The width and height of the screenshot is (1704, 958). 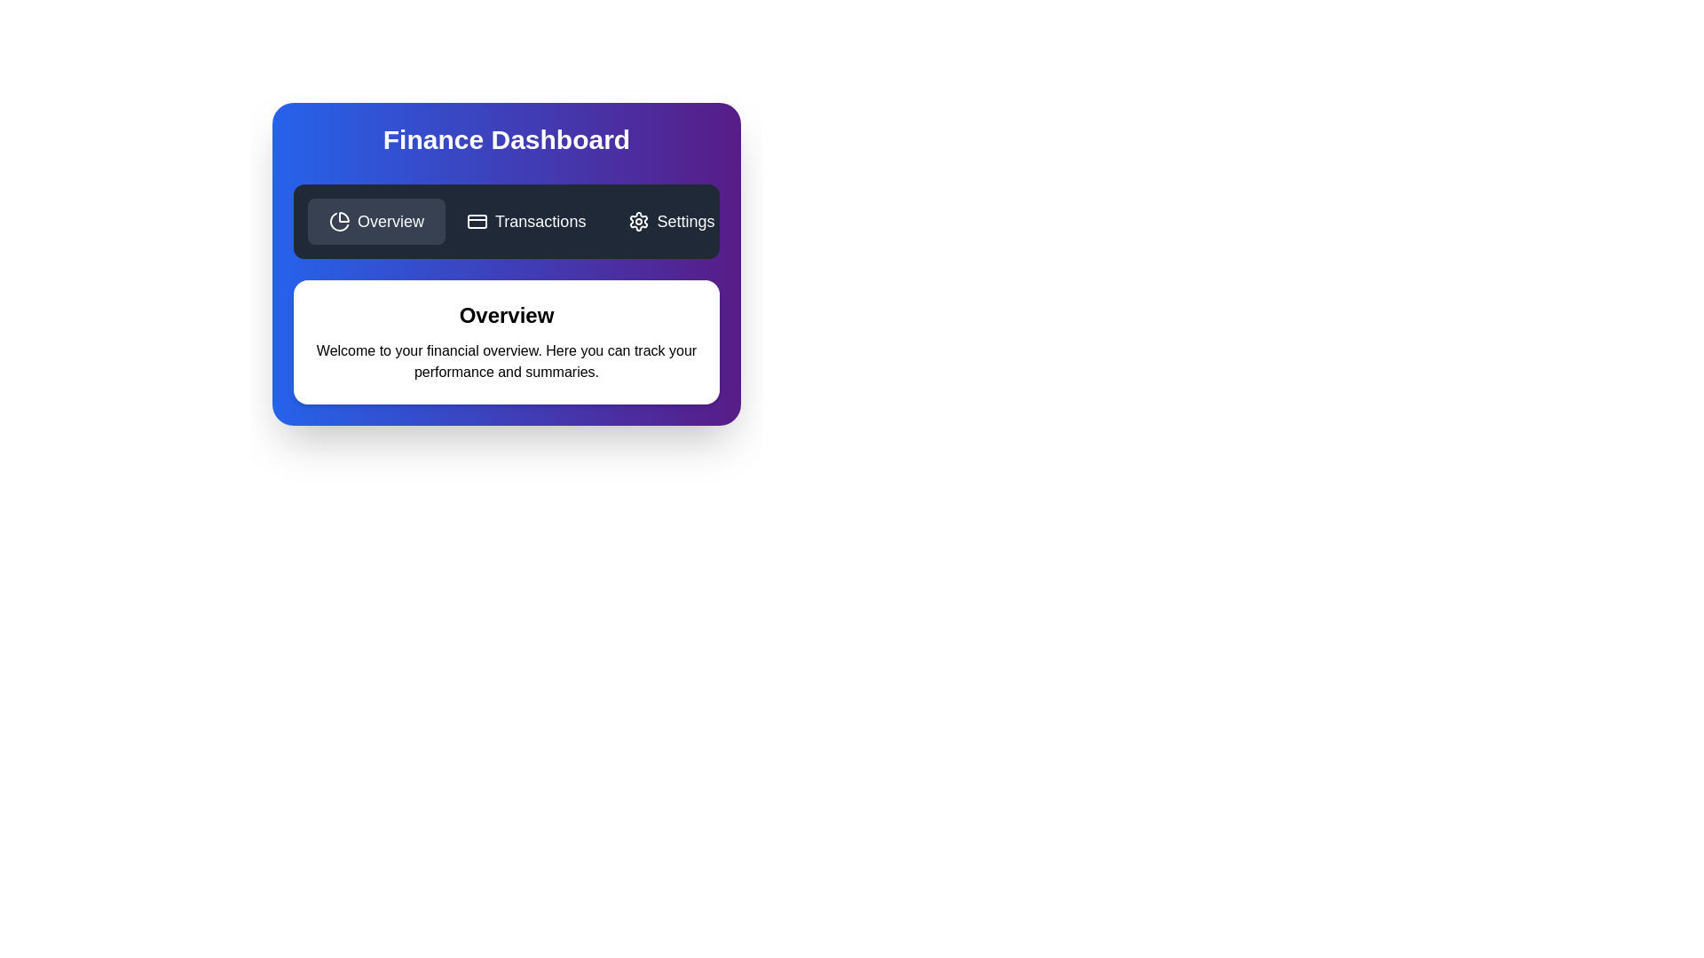 I want to click on the bold heading displaying the text 'Overview', which is prominently styled and centrally aligned within its section, so click(x=506, y=314).